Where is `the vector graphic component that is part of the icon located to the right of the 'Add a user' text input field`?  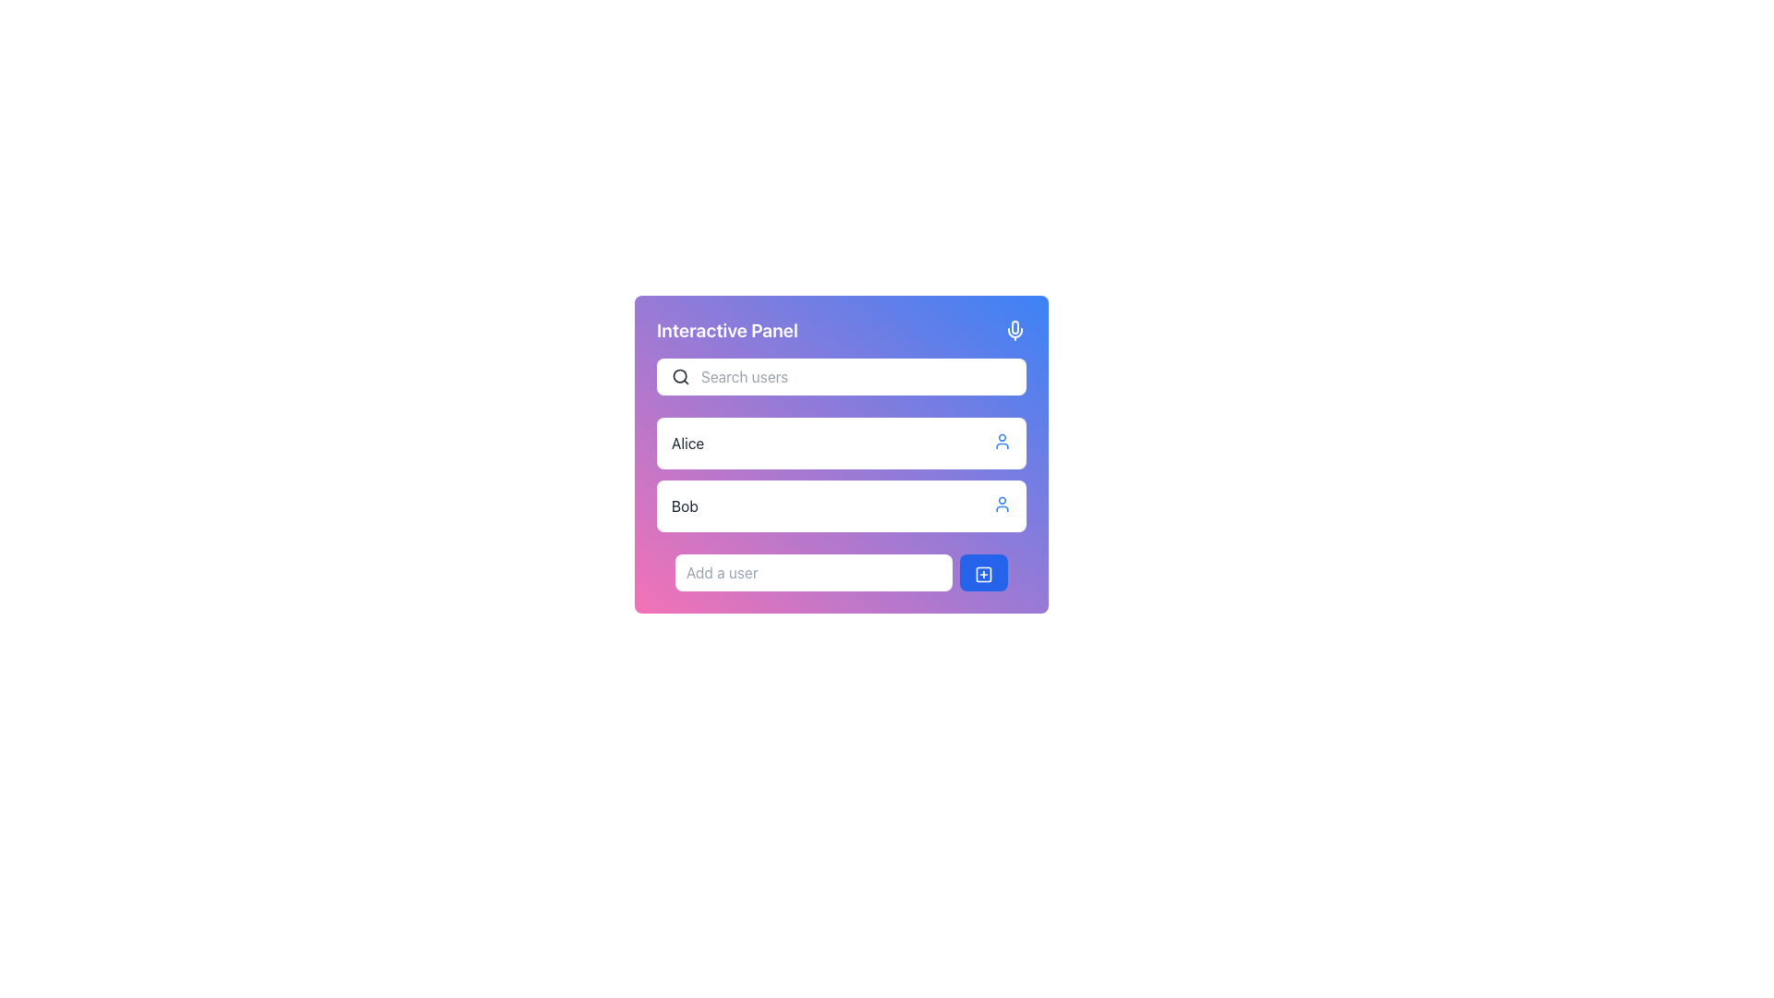 the vector graphic component that is part of the icon located to the right of the 'Add a user' text input field is located at coordinates (983, 573).